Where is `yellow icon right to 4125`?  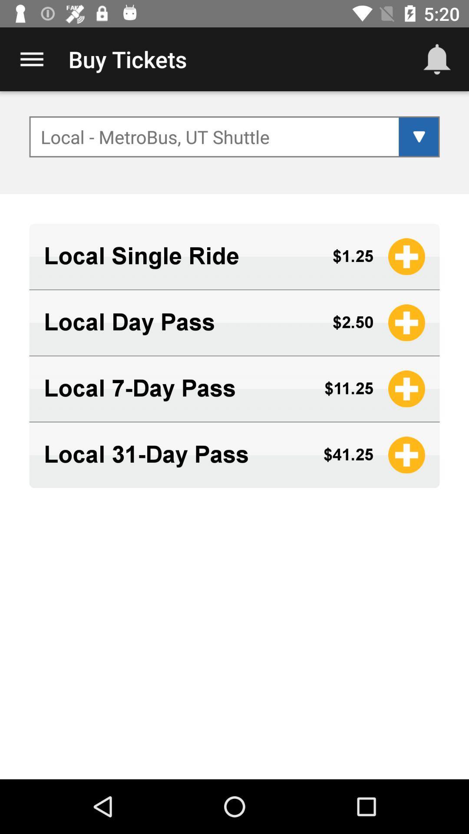
yellow icon right to 4125 is located at coordinates (406, 454).